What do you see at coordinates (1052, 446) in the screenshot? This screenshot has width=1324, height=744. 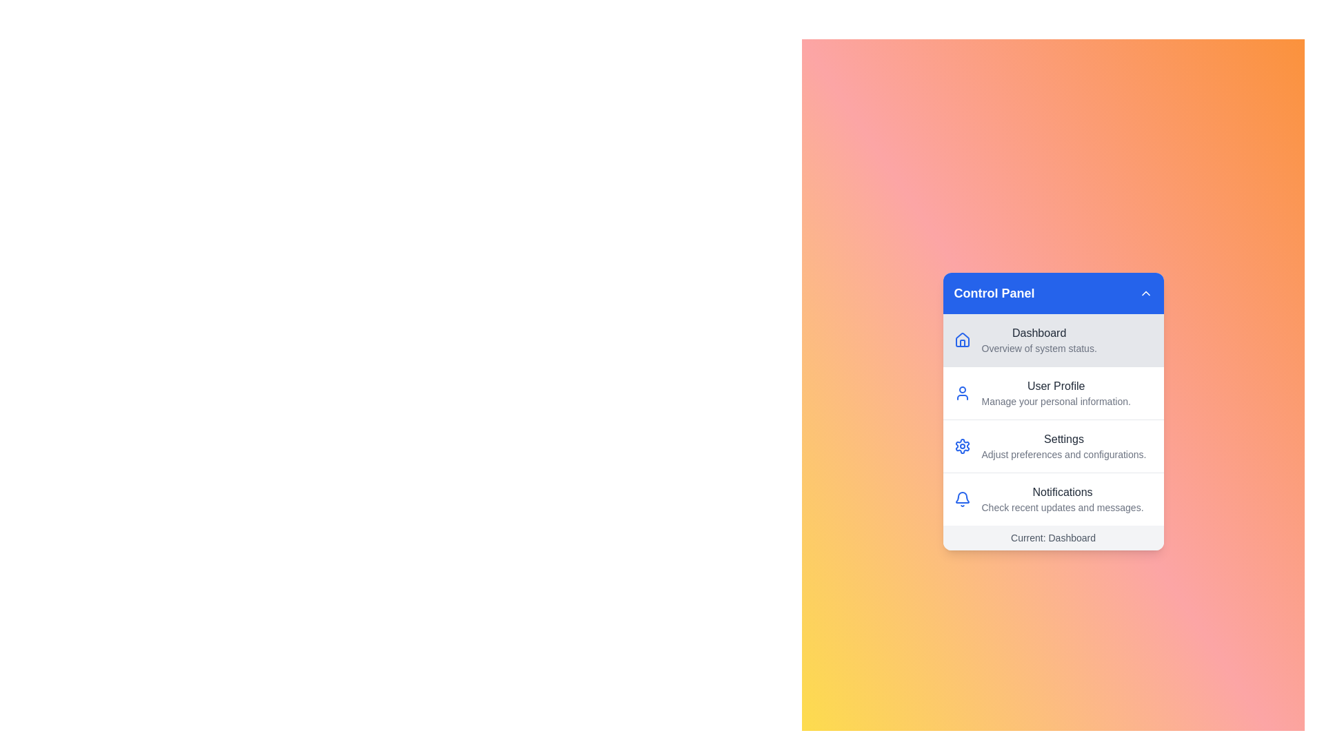 I see `the menu item Settings to make it active` at bounding box center [1052, 446].